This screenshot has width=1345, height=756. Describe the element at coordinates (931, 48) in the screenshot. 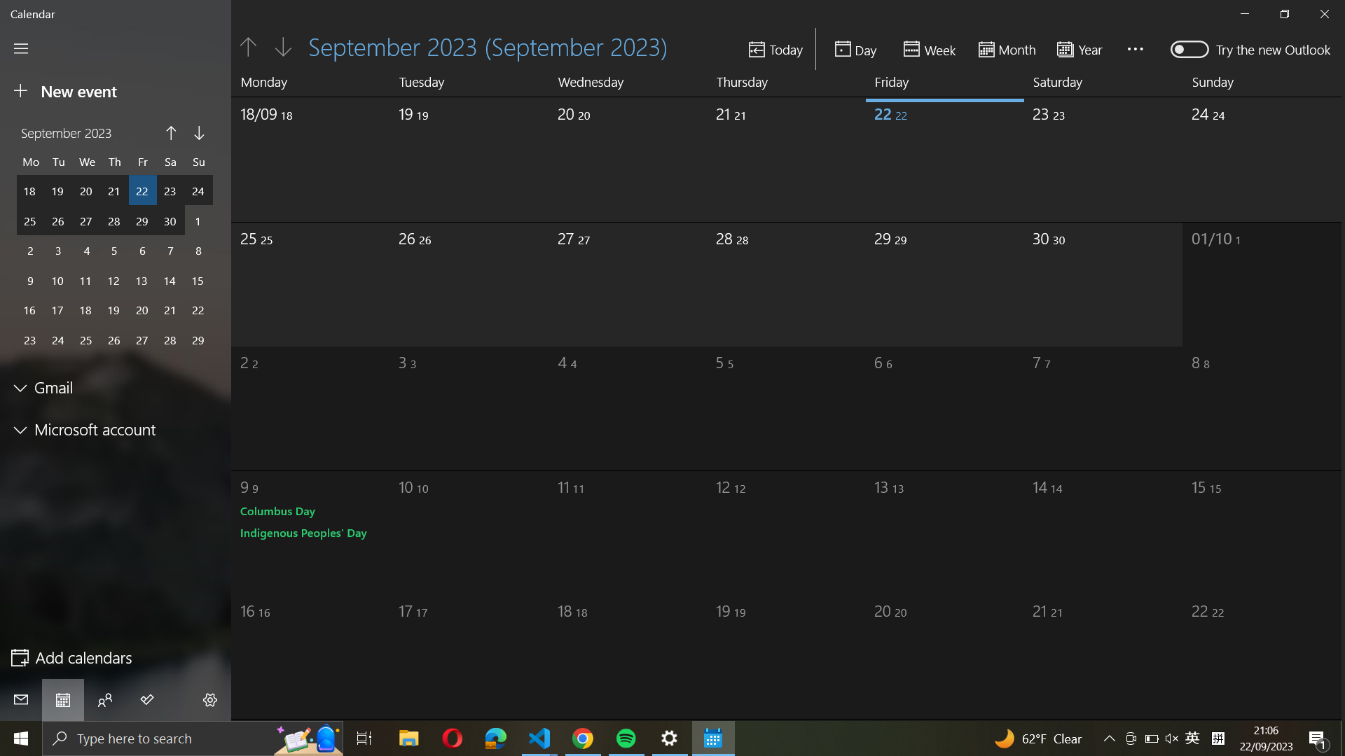

I see `calendar setup to weekly view` at that location.